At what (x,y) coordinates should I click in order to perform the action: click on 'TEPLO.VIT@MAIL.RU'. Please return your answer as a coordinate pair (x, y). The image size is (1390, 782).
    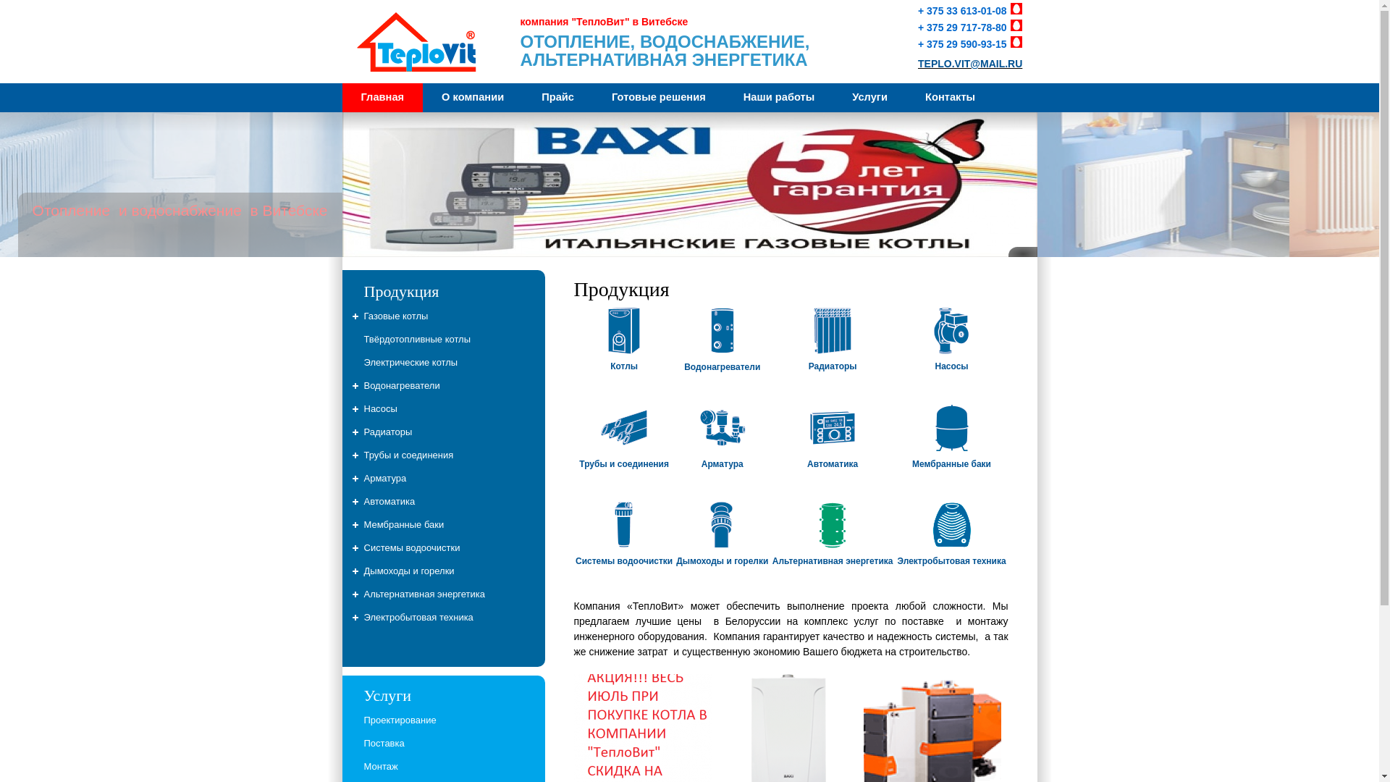
    Looking at the image, I should click on (969, 63).